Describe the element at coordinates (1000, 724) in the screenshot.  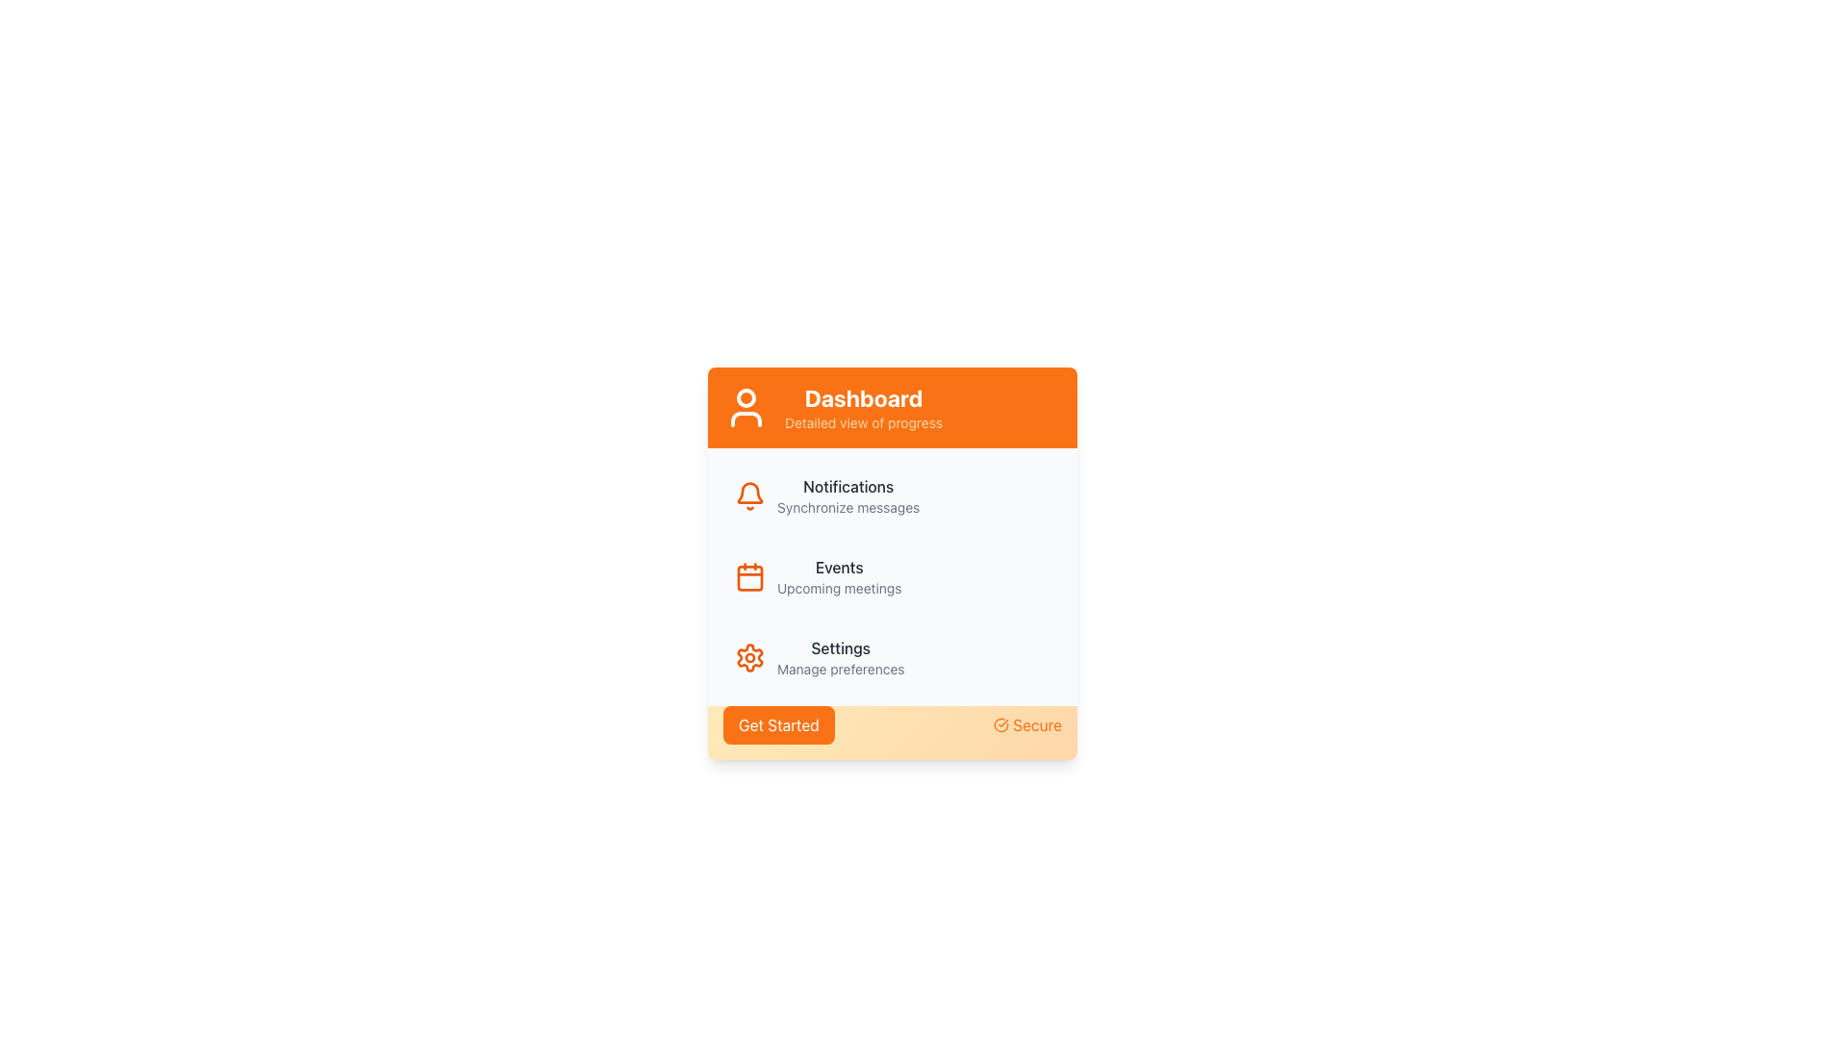
I see `the security icon located at the lower right segment of the card-shaped dashboard interface, next to the 'Secure' label` at that location.